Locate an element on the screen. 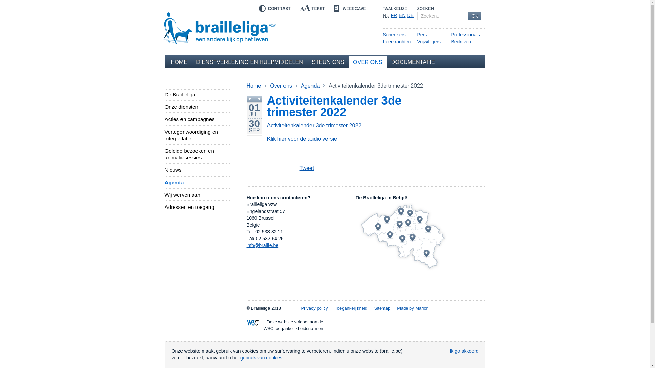 The image size is (655, 368). 'DOCUMENTATIE' is located at coordinates (412, 62).